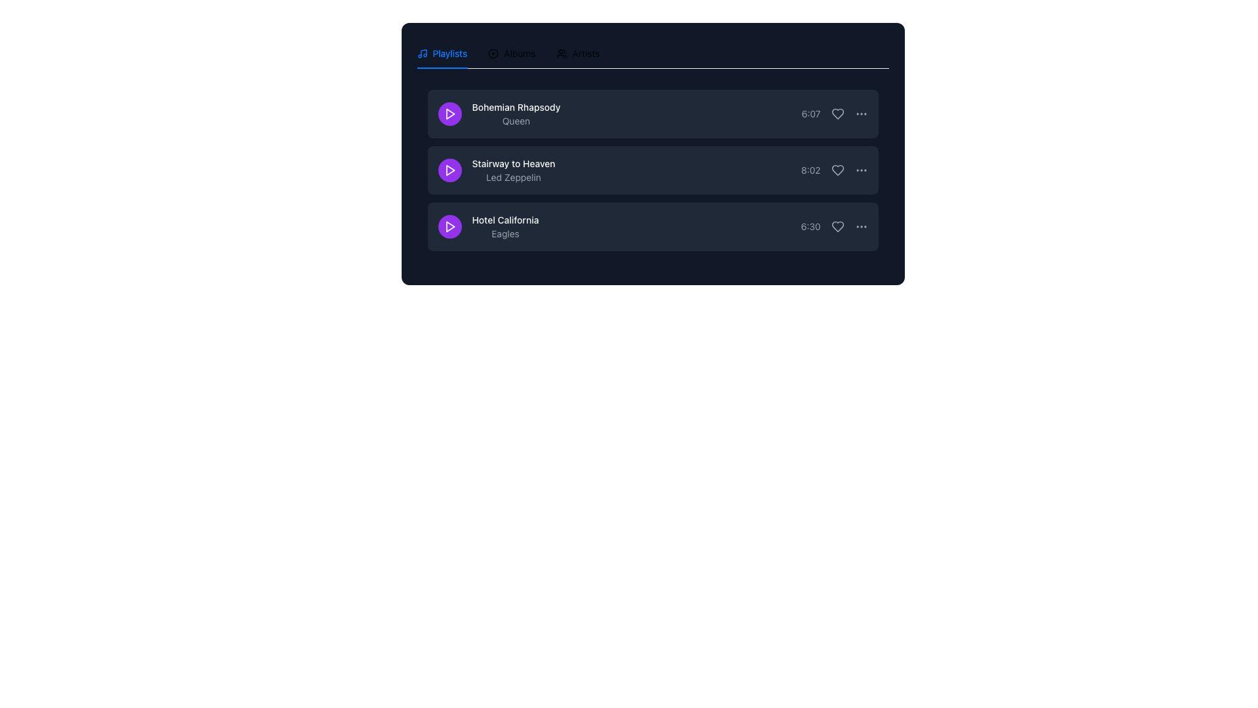 The width and height of the screenshot is (1258, 708). I want to click on the heart-shaped 'like' icon located to the right of the song duration '6:07' for the song 'Bohemian Rhapsody' by Queen, so click(837, 113).